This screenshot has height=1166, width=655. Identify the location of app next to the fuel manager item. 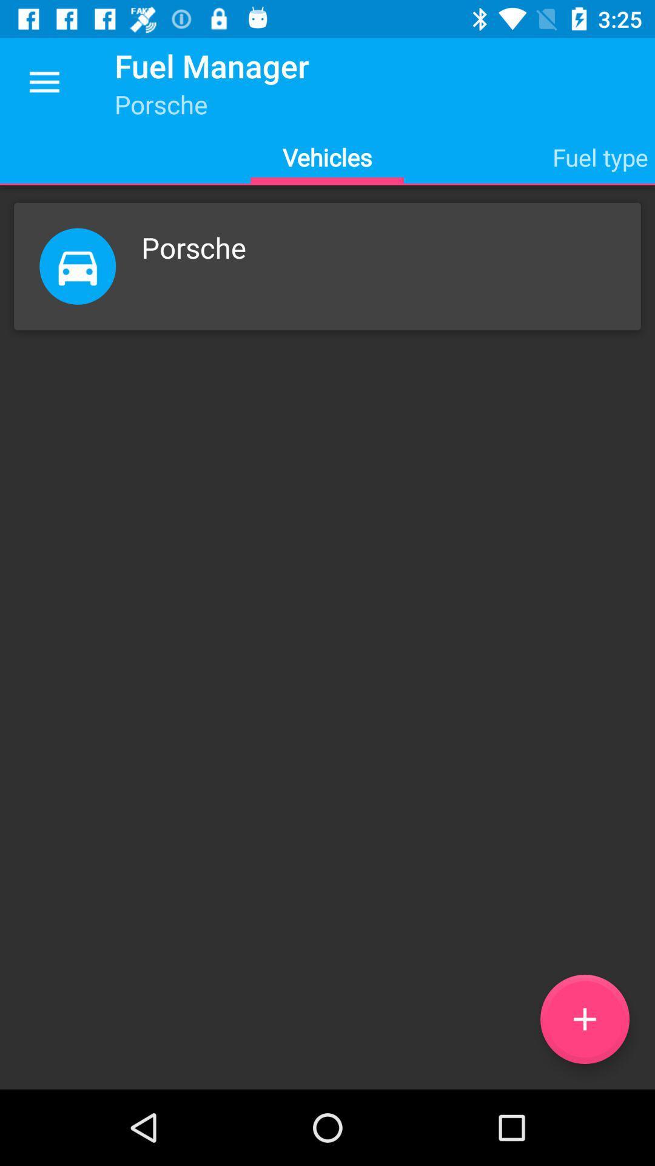
(44, 82).